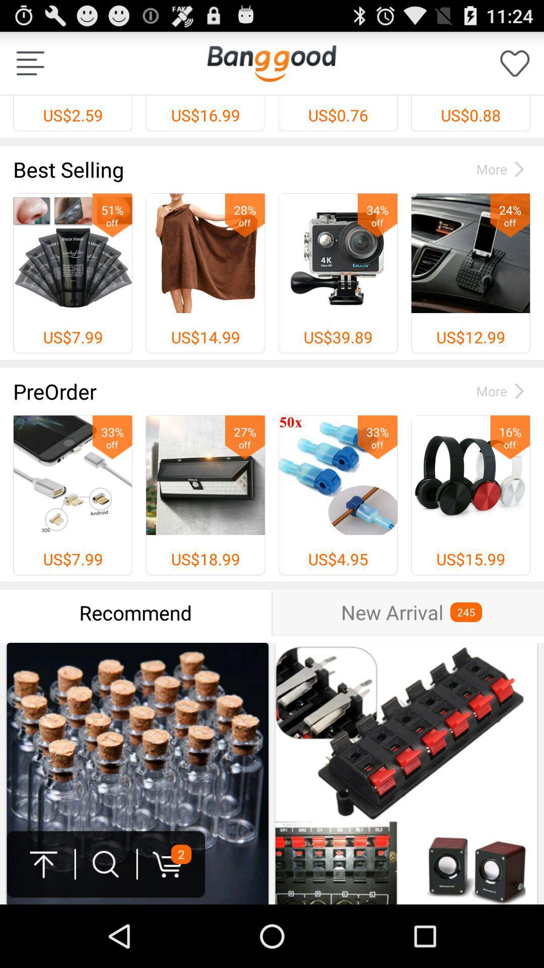 This screenshot has height=968, width=544. Describe the element at coordinates (30, 63) in the screenshot. I see `list options` at that location.